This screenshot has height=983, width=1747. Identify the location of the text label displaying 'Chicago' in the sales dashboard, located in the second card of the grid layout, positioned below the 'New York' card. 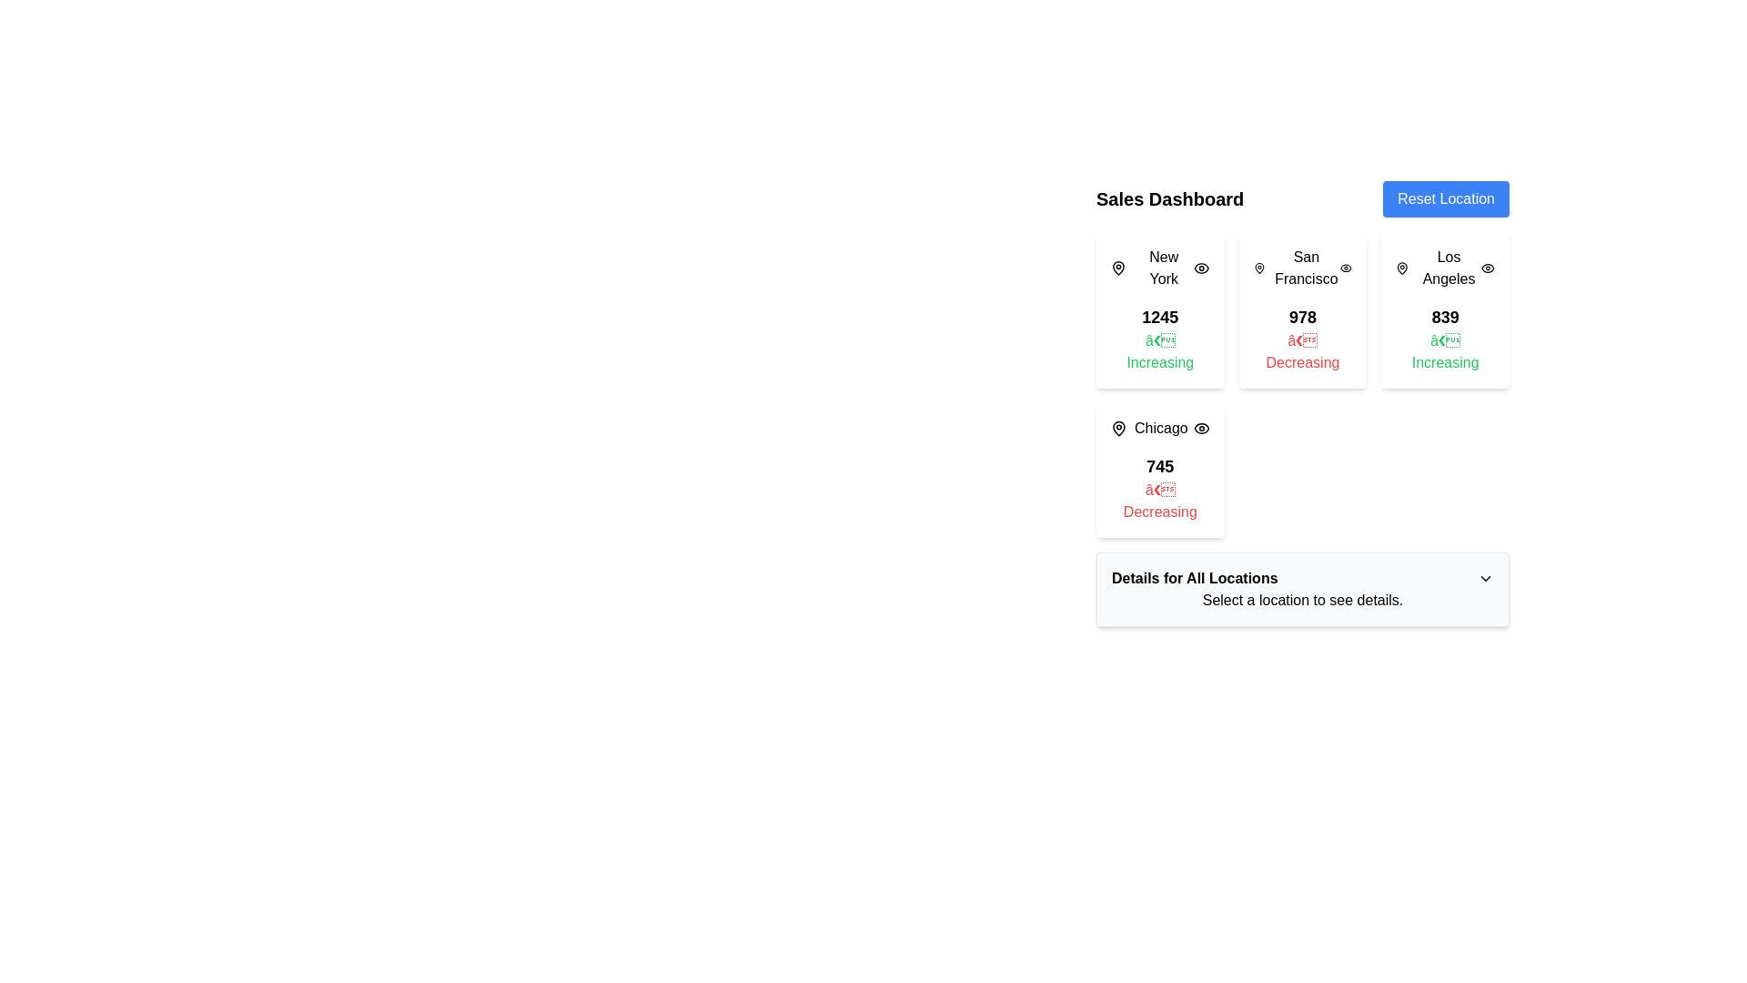
(1160, 428).